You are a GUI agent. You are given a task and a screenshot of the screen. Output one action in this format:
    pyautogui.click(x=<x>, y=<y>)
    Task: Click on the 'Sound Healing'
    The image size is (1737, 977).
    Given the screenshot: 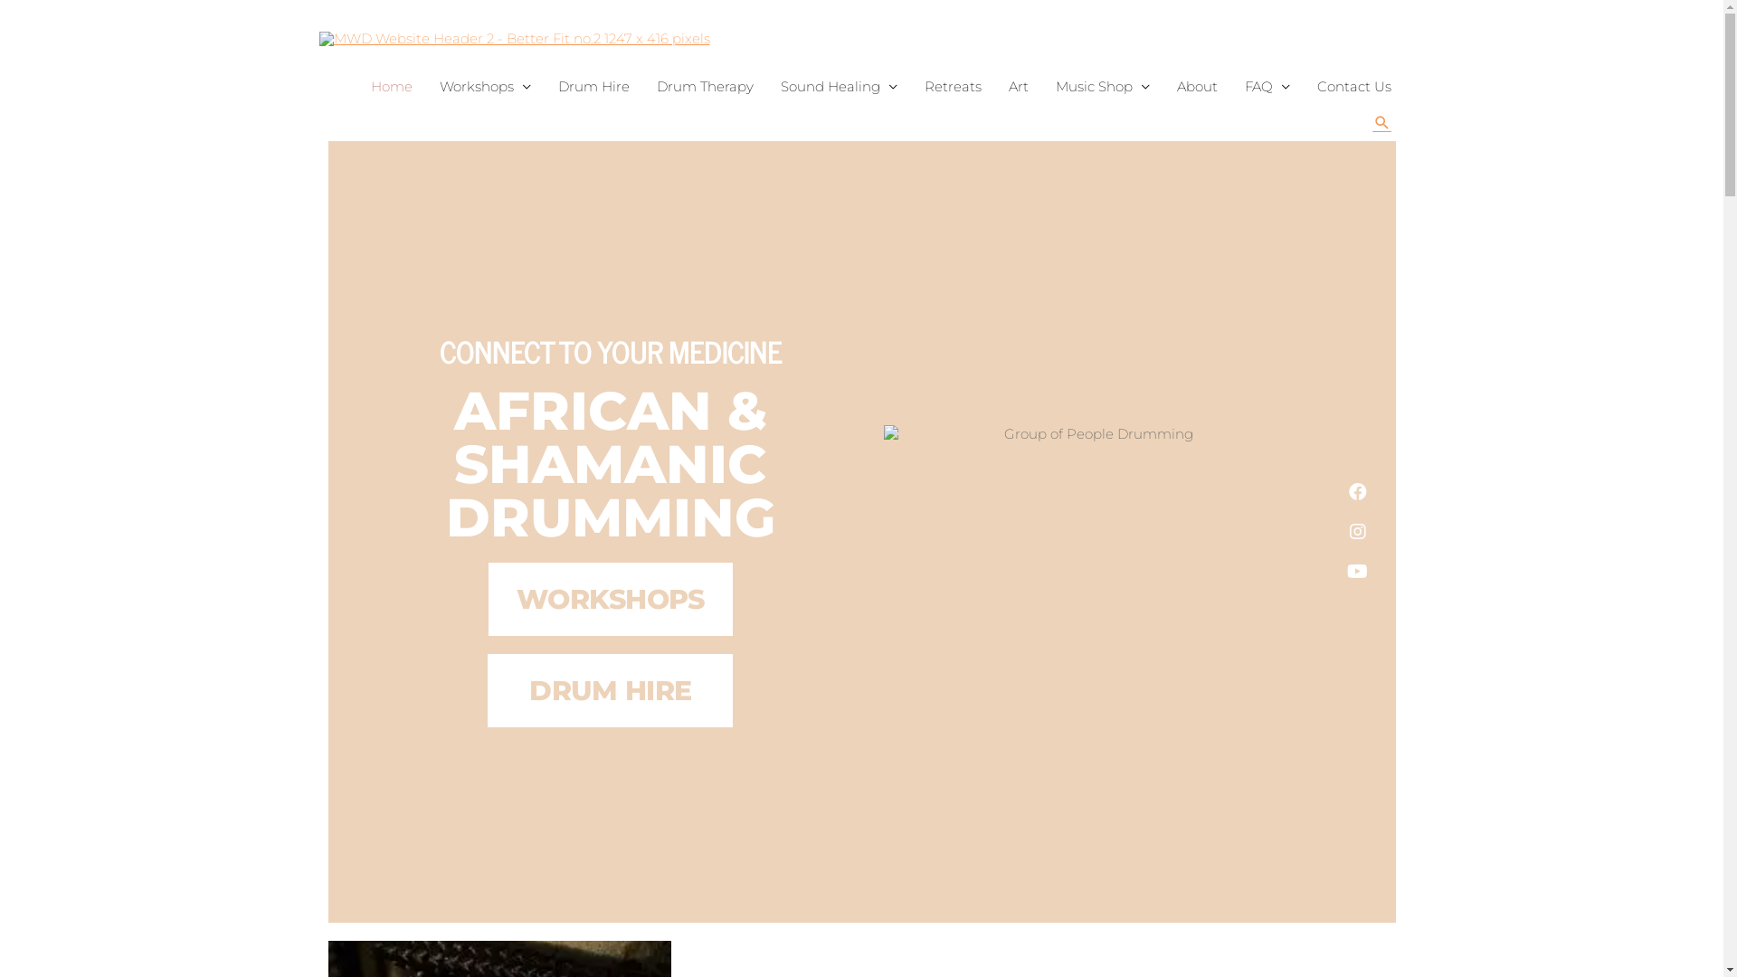 What is the action you would take?
    pyautogui.click(x=767, y=87)
    